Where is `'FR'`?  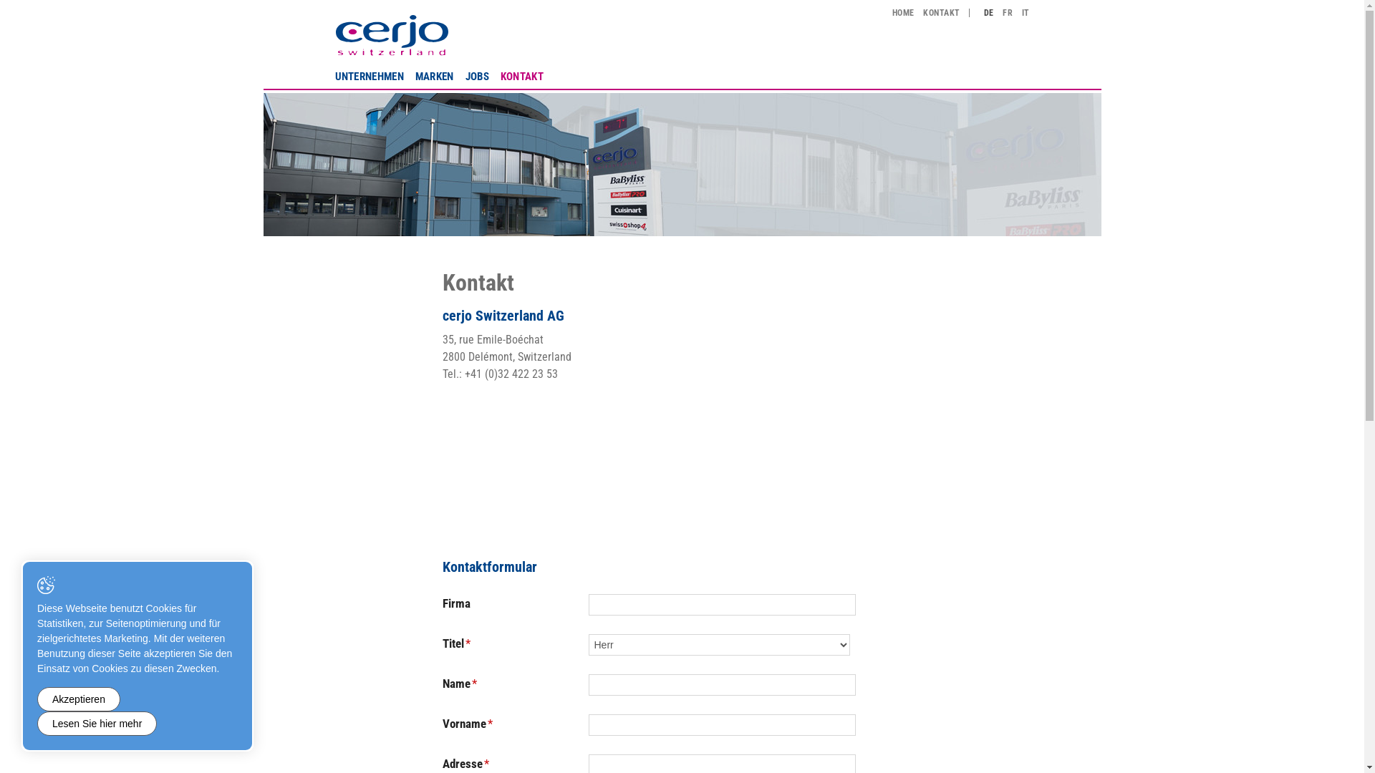 'FR' is located at coordinates (1006, 13).